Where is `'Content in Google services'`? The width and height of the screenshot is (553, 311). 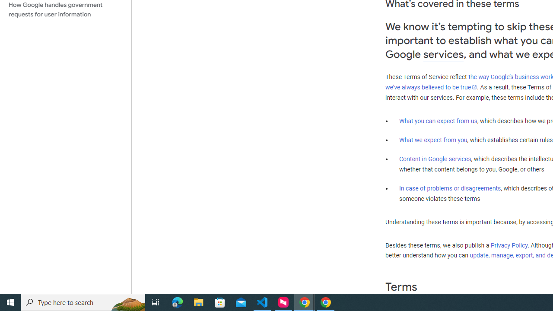 'Content in Google services' is located at coordinates (435, 159).